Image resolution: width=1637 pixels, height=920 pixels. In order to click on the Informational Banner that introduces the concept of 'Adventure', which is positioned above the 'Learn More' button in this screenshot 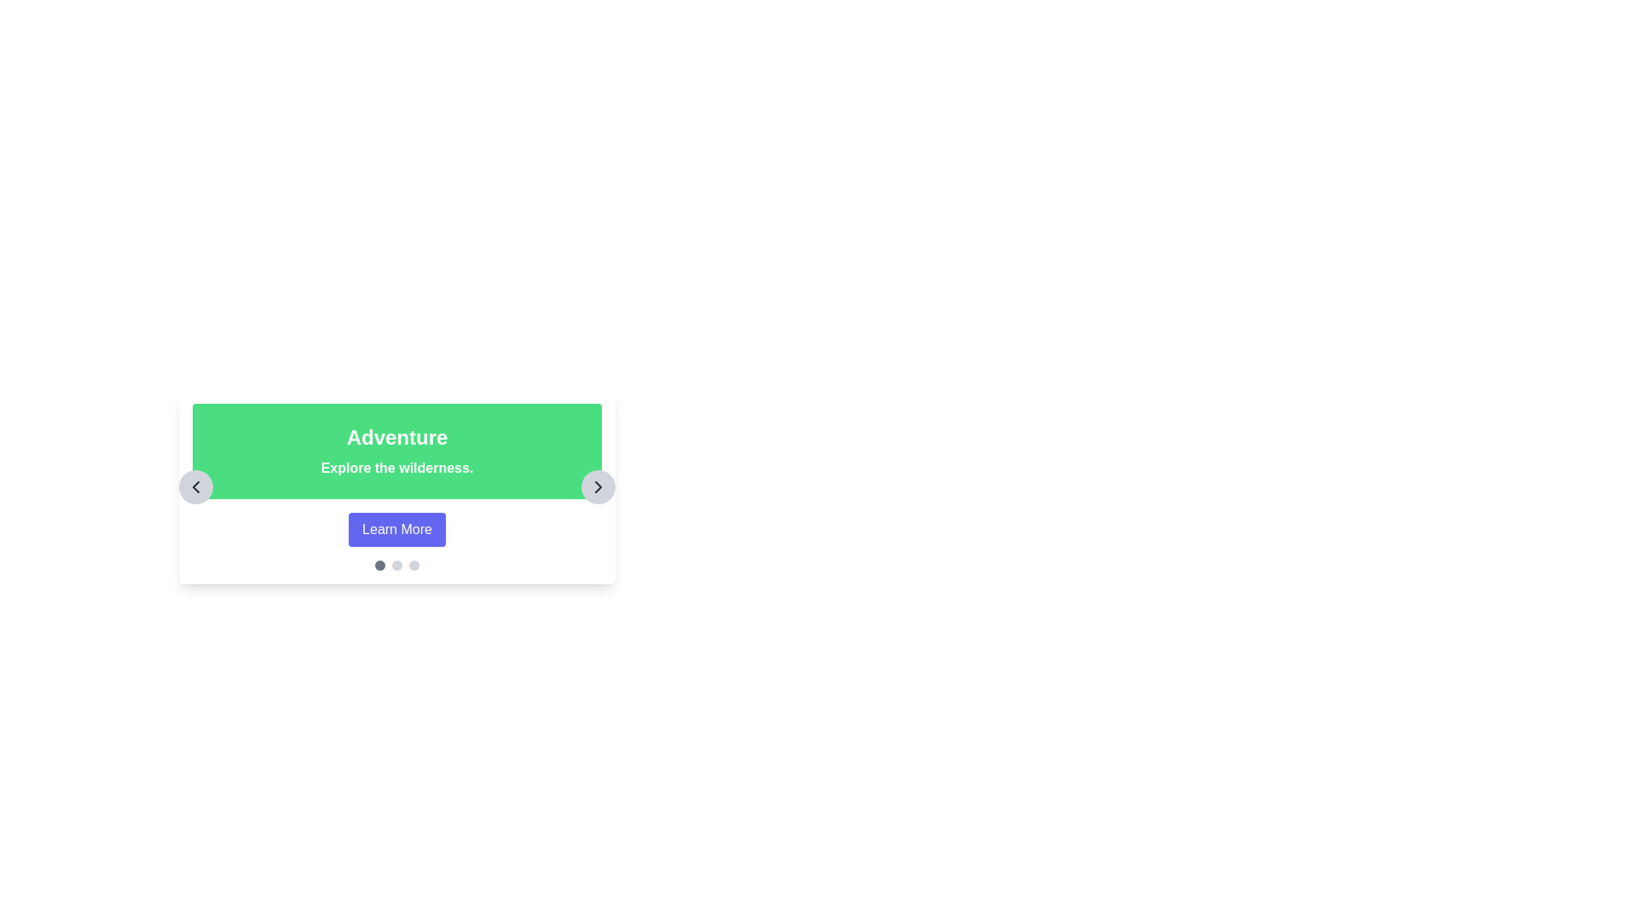, I will do `click(396, 450)`.